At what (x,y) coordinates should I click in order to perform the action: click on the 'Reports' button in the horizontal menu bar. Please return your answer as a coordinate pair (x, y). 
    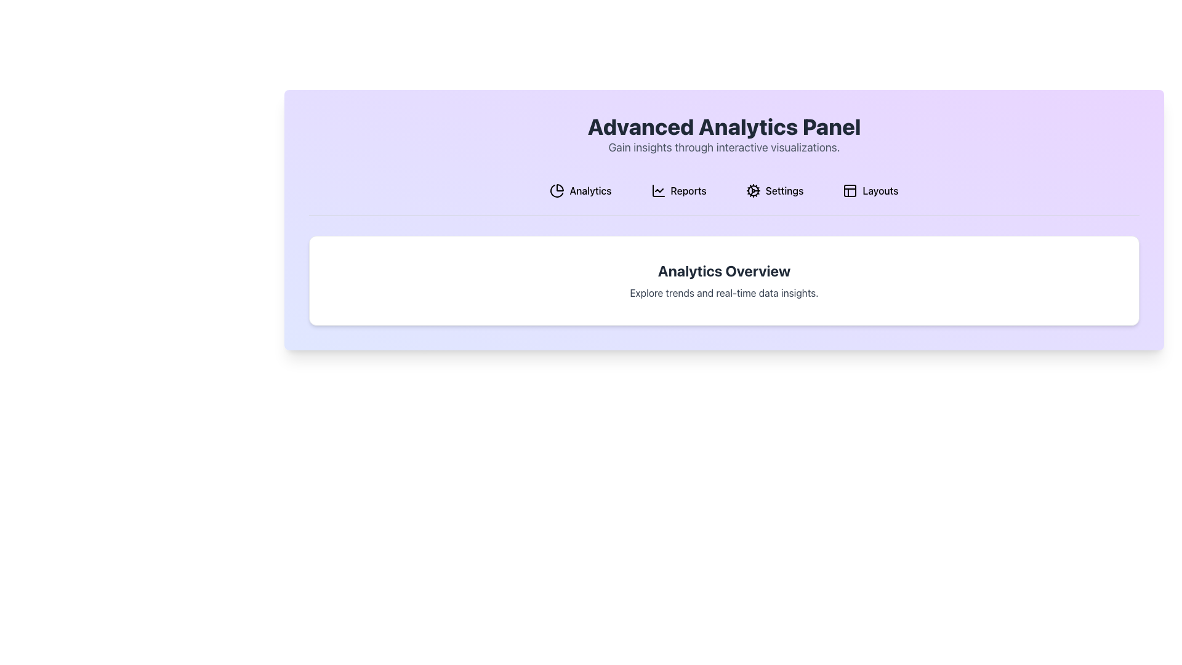
    Looking at the image, I should click on (678, 190).